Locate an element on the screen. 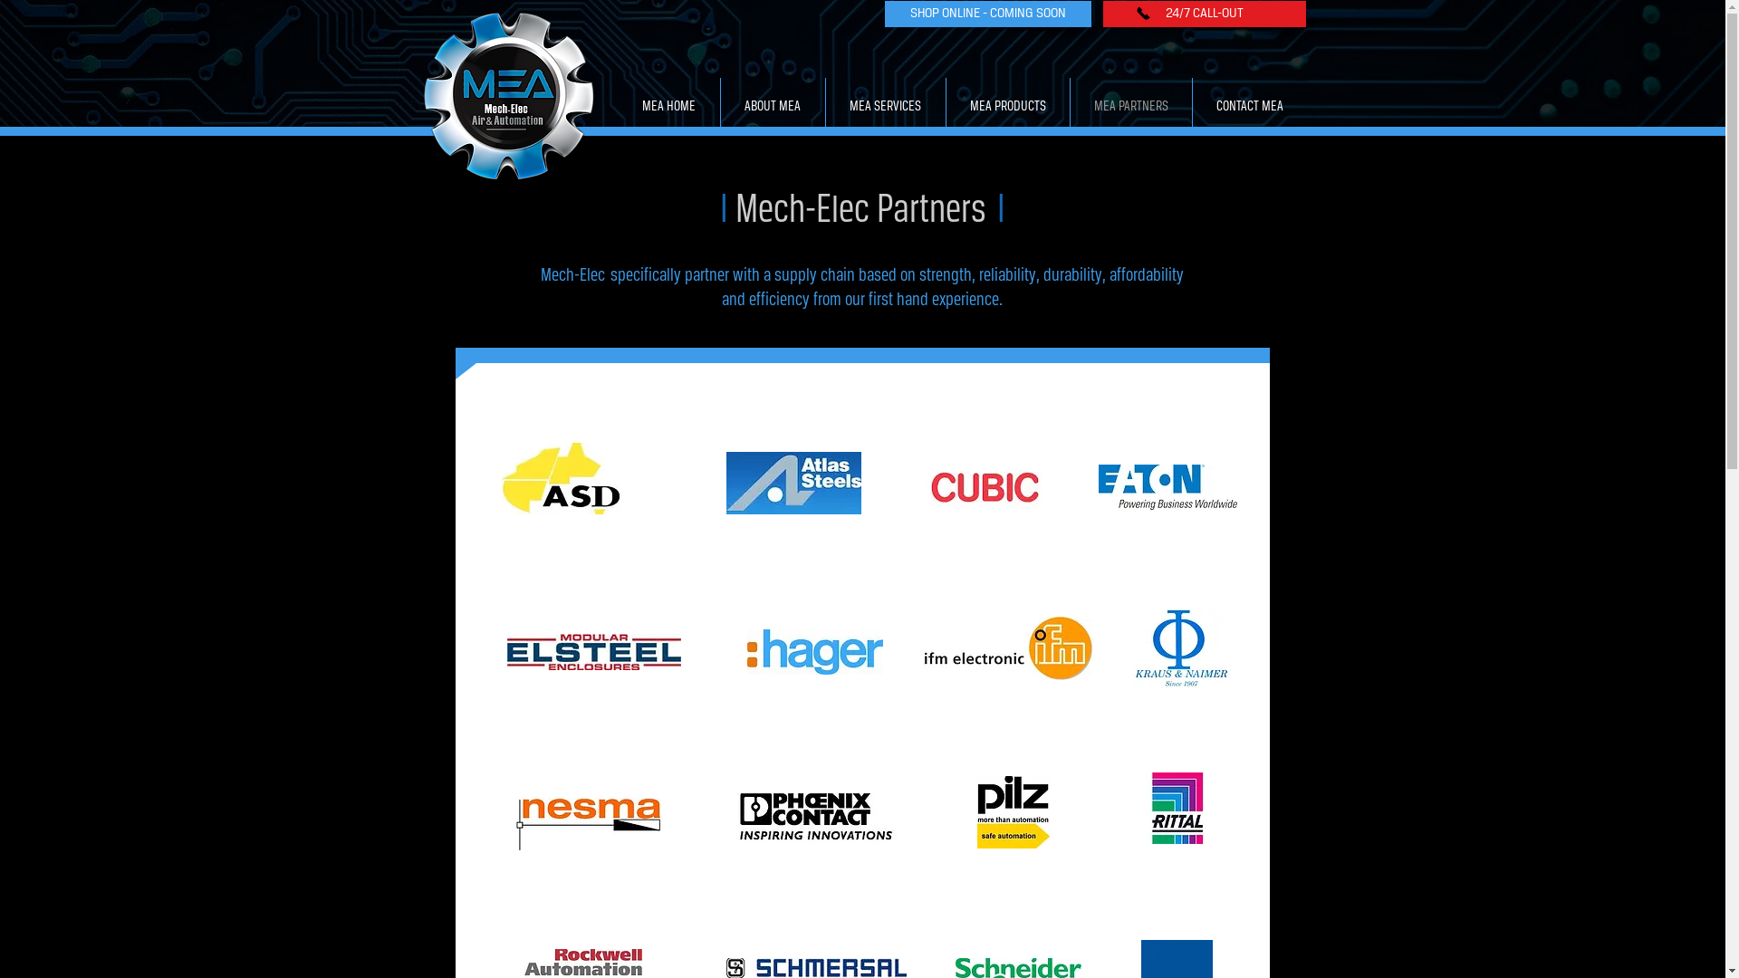 Image resolution: width=1739 pixels, height=978 pixels. 'MEA PARTNERS' is located at coordinates (1129, 107).